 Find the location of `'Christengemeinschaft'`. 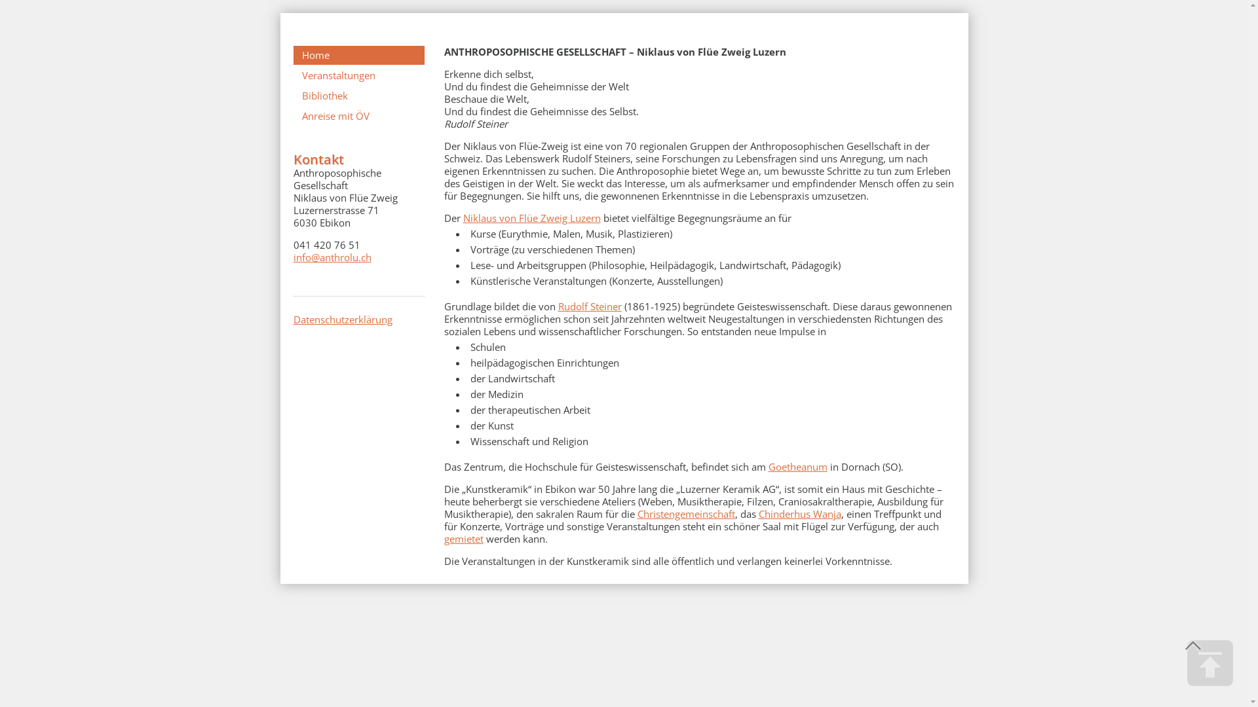

'Christengemeinschaft' is located at coordinates (685, 513).